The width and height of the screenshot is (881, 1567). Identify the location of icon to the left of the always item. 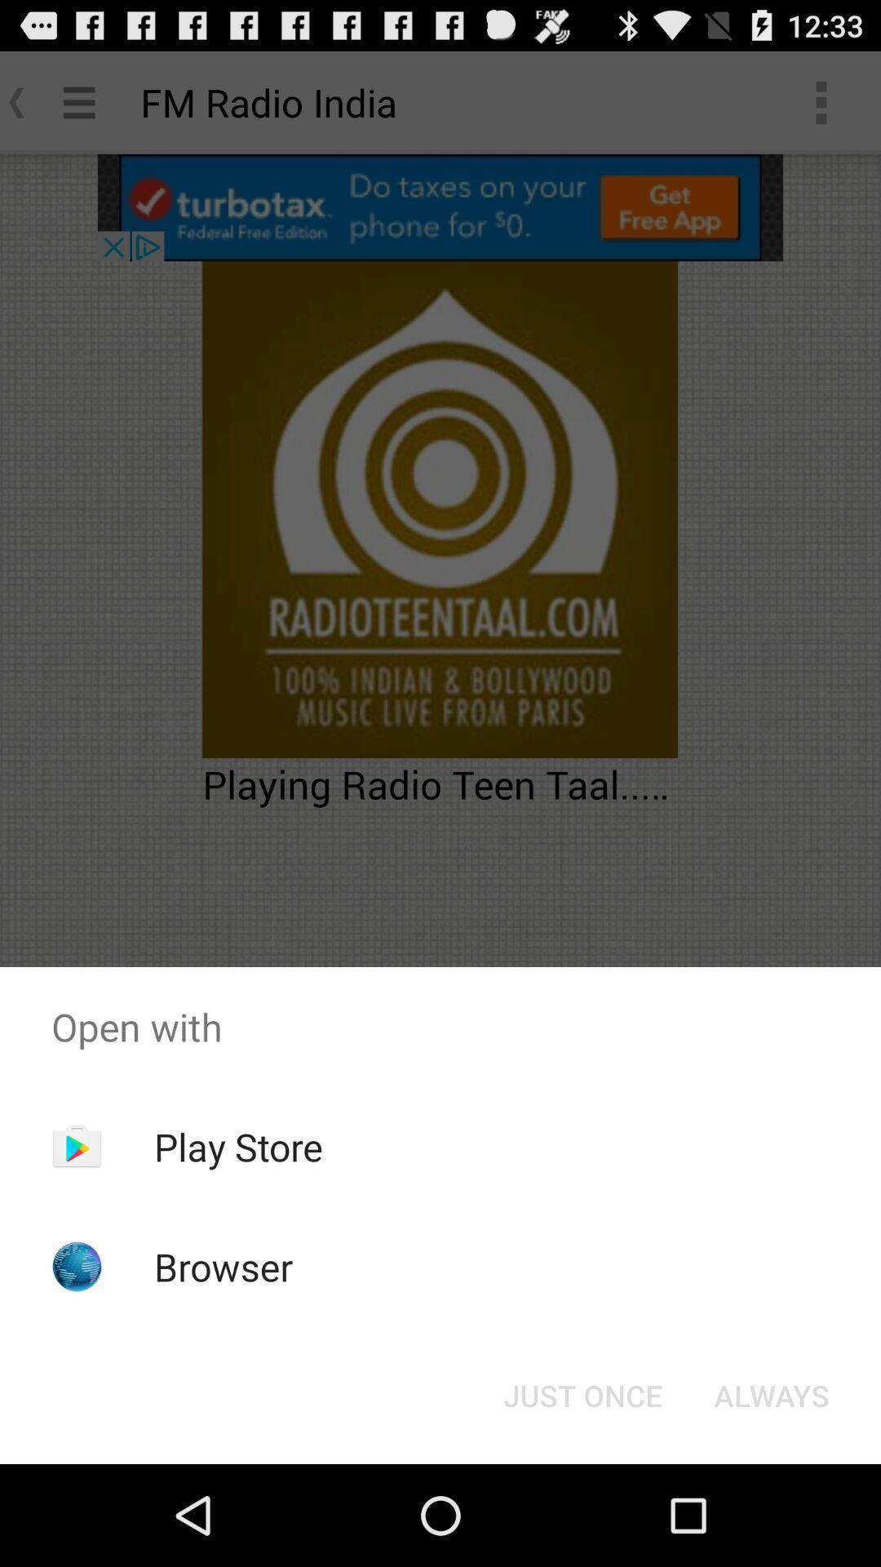
(582, 1394).